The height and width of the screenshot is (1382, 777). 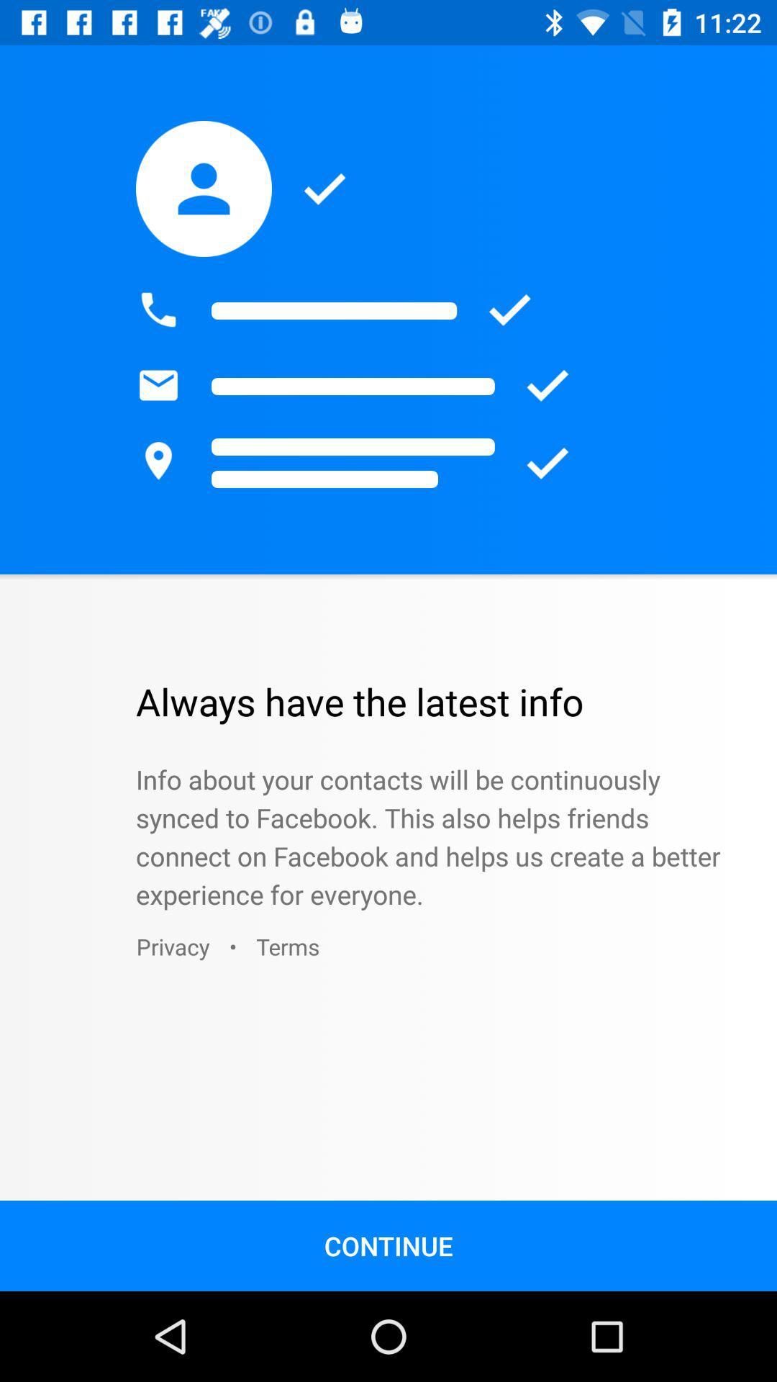 What do you see at coordinates (388, 1245) in the screenshot?
I see `the continue icon` at bounding box center [388, 1245].